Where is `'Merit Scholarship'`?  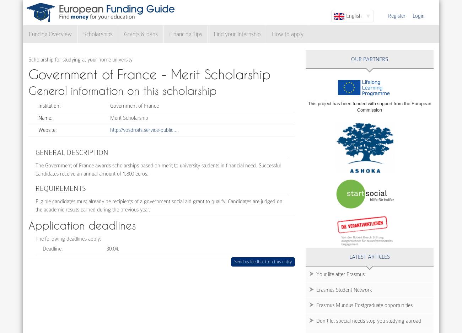 'Merit Scholarship' is located at coordinates (129, 118).